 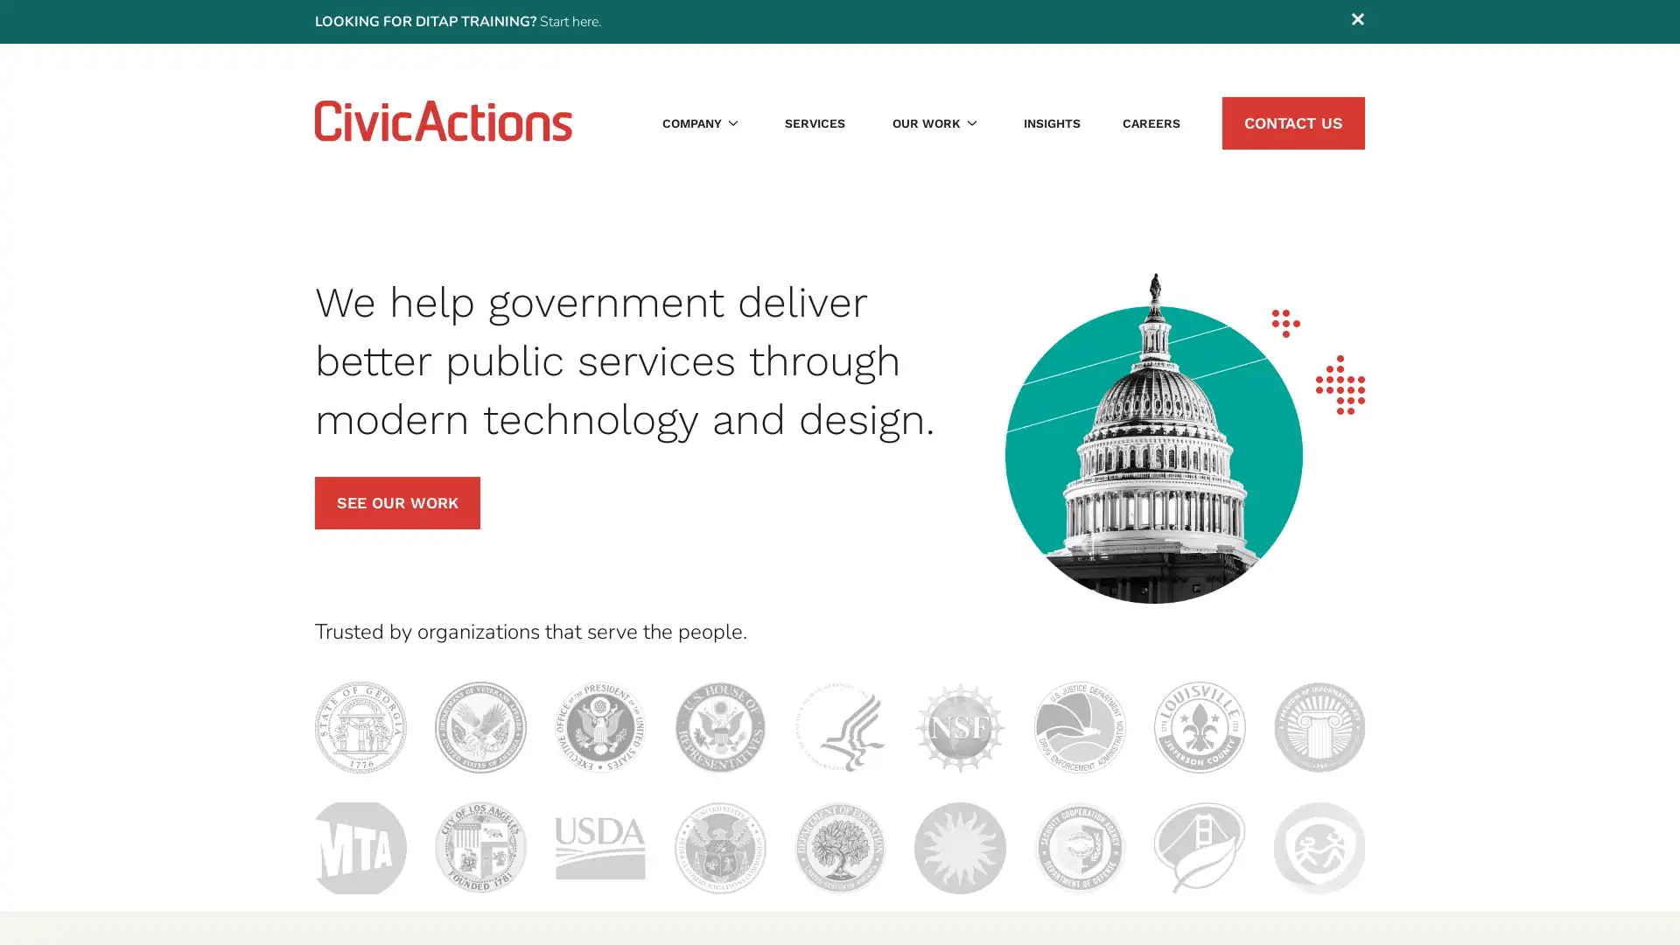 What do you see at coordinates (700, 122) in the screenshot?
I see `COMPANY` at bounding box center [700, 122].